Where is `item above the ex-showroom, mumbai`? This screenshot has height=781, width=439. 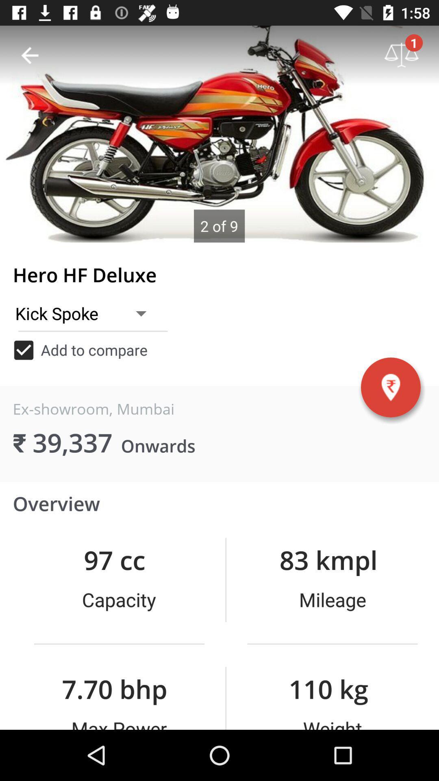 item above the ex-showroom, mumbai is located at coordinates (80, 350).